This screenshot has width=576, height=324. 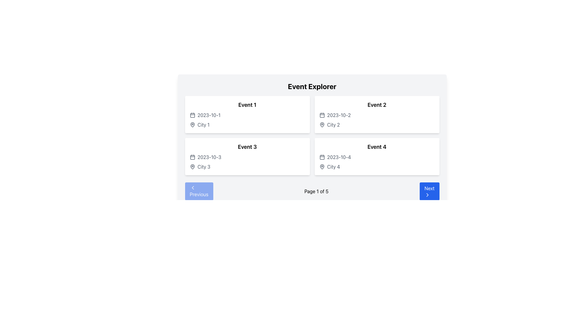 I want to click on the event information card located in the top-right section of the grid to associate the event information, so click(x=376, y=114).